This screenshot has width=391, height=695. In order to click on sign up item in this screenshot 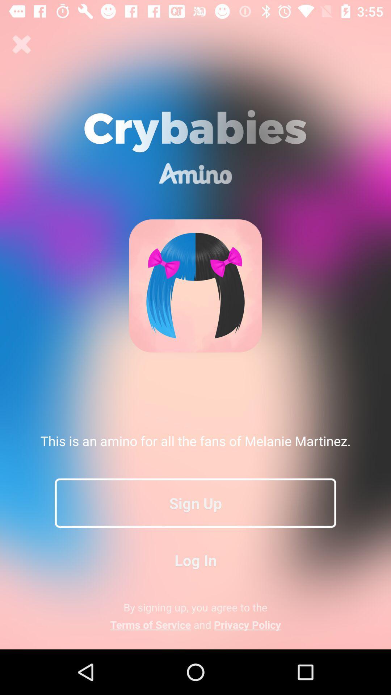, I will do `click(195, 502)`.